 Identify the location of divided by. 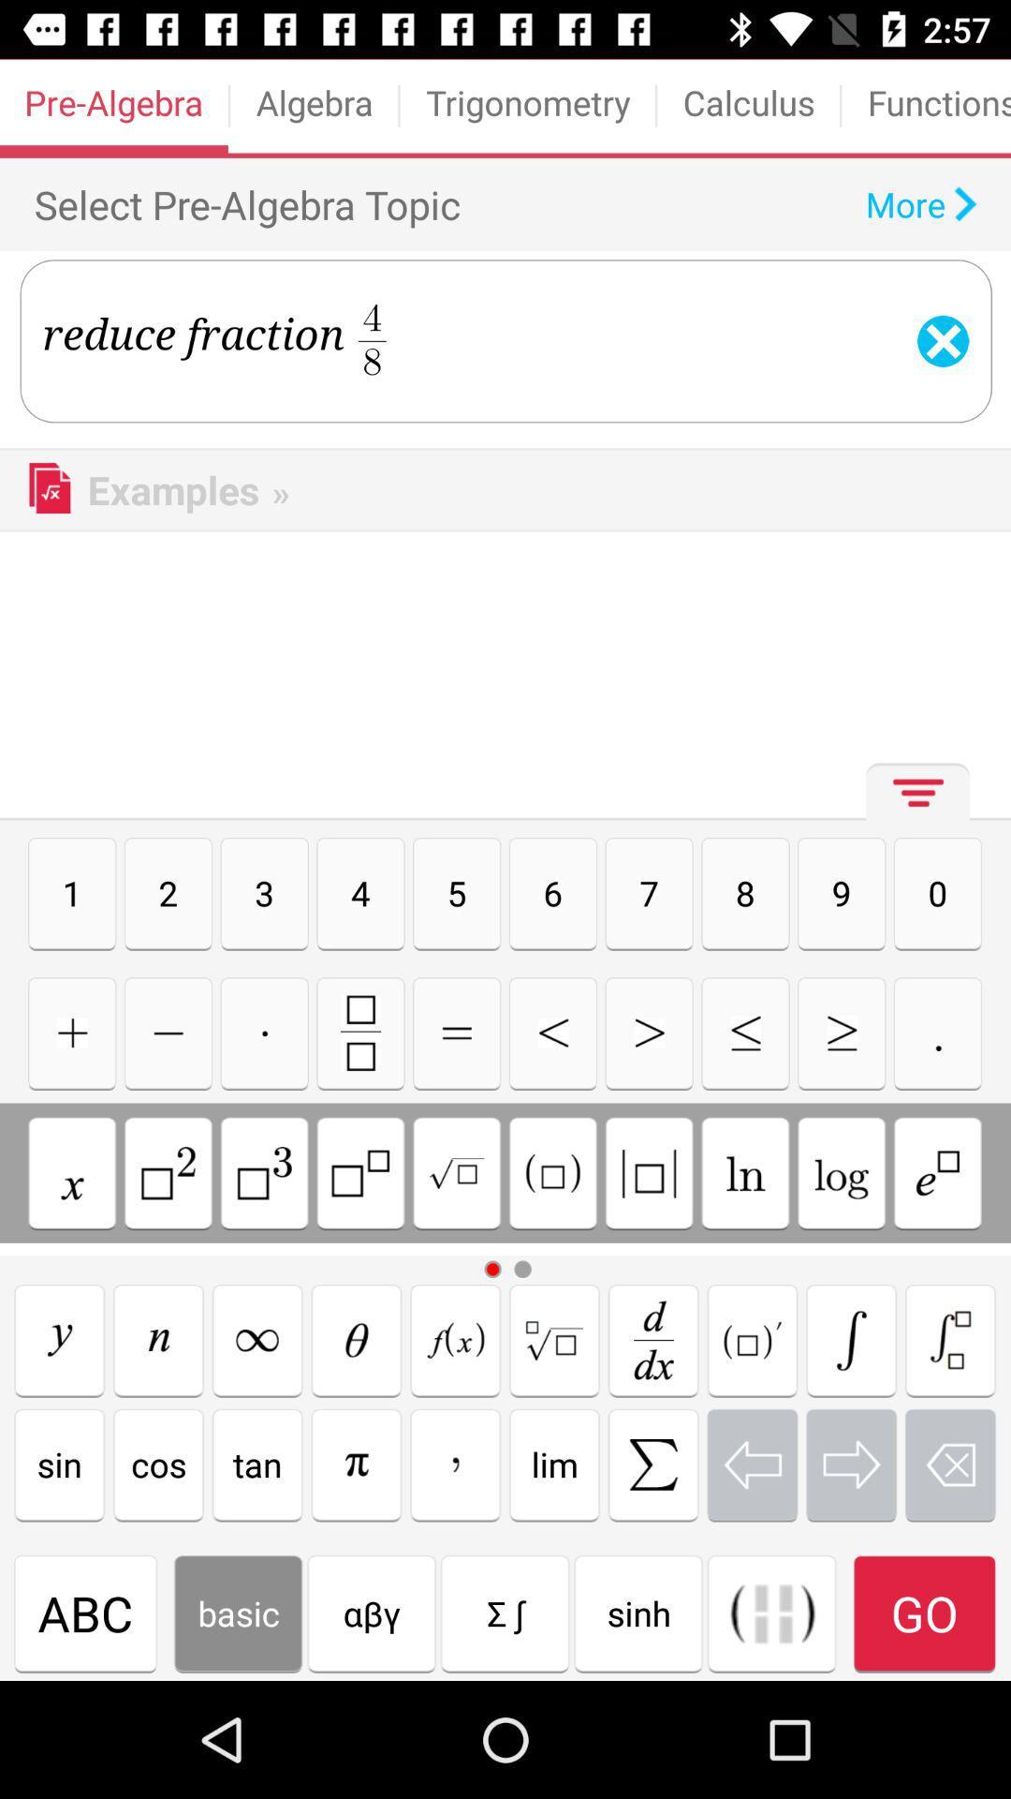
(457, 1172).